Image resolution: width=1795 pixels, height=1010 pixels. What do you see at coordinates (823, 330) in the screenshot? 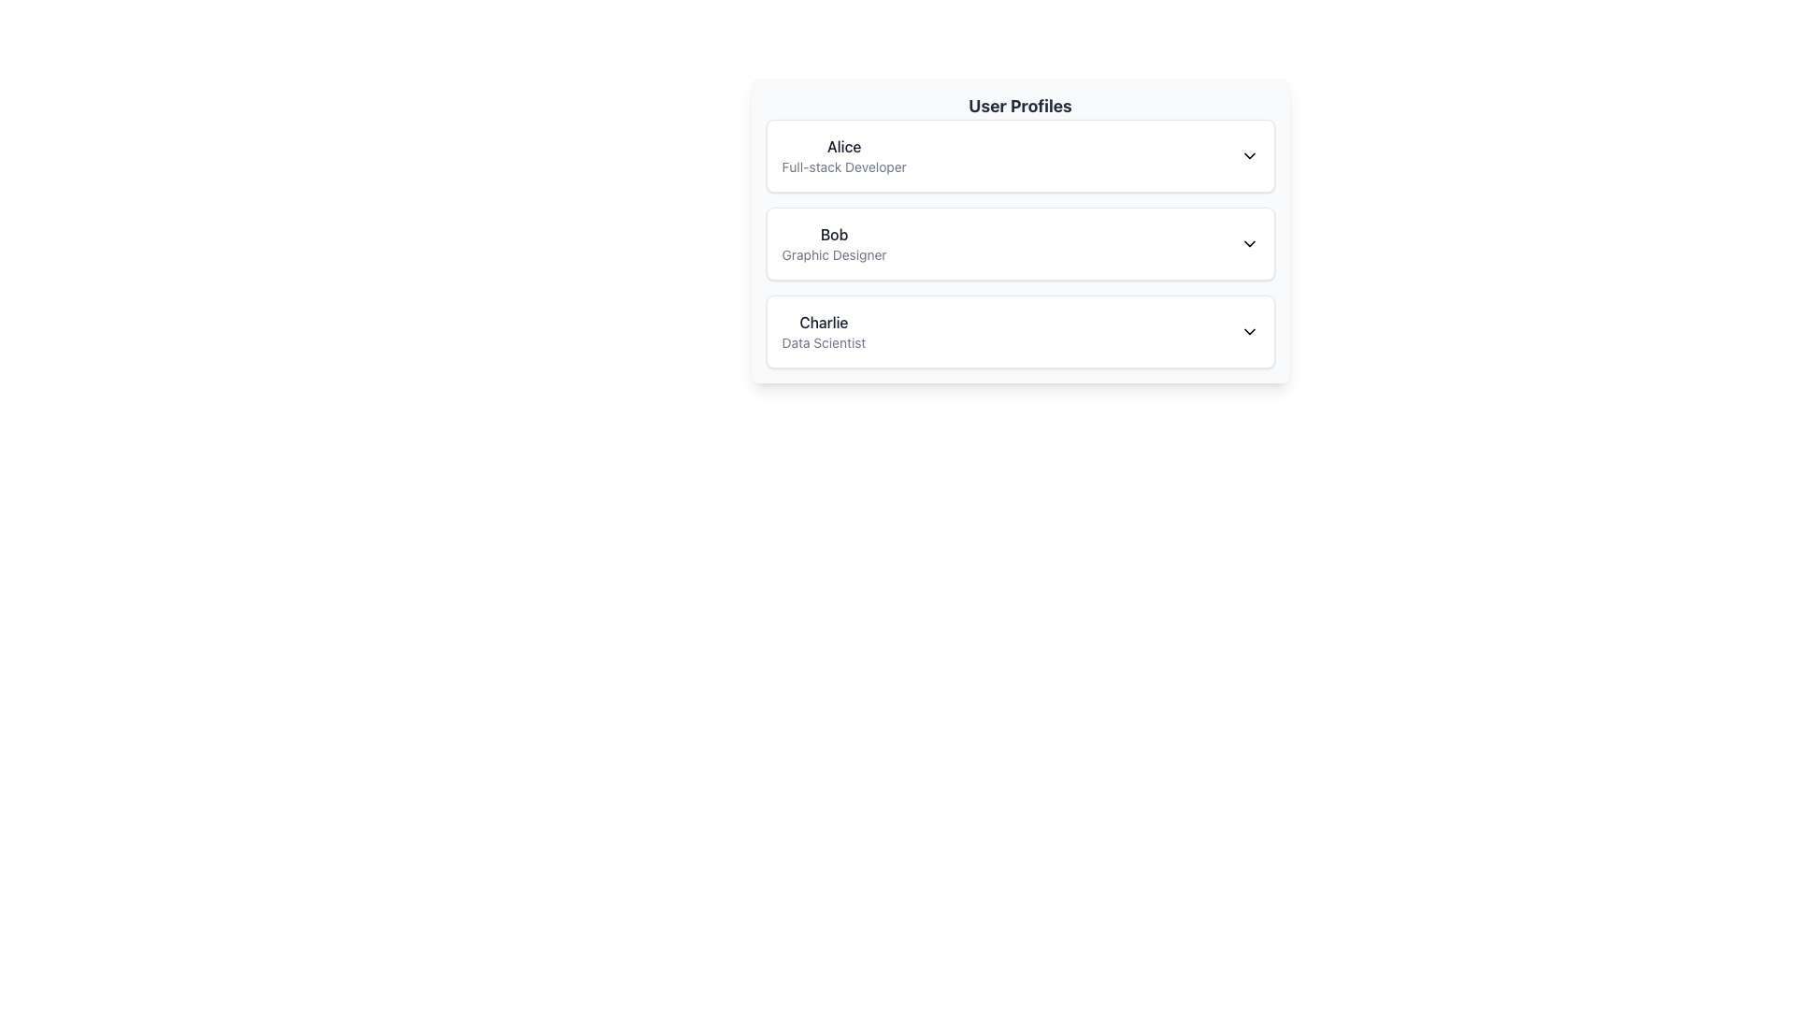
I see `the Text Display that shows 'Charlie' in bold and larger font, and 'Data Scientist' in smaller, lighter font, located in the third section of the user profiles list` at bounding box center [823, 330].